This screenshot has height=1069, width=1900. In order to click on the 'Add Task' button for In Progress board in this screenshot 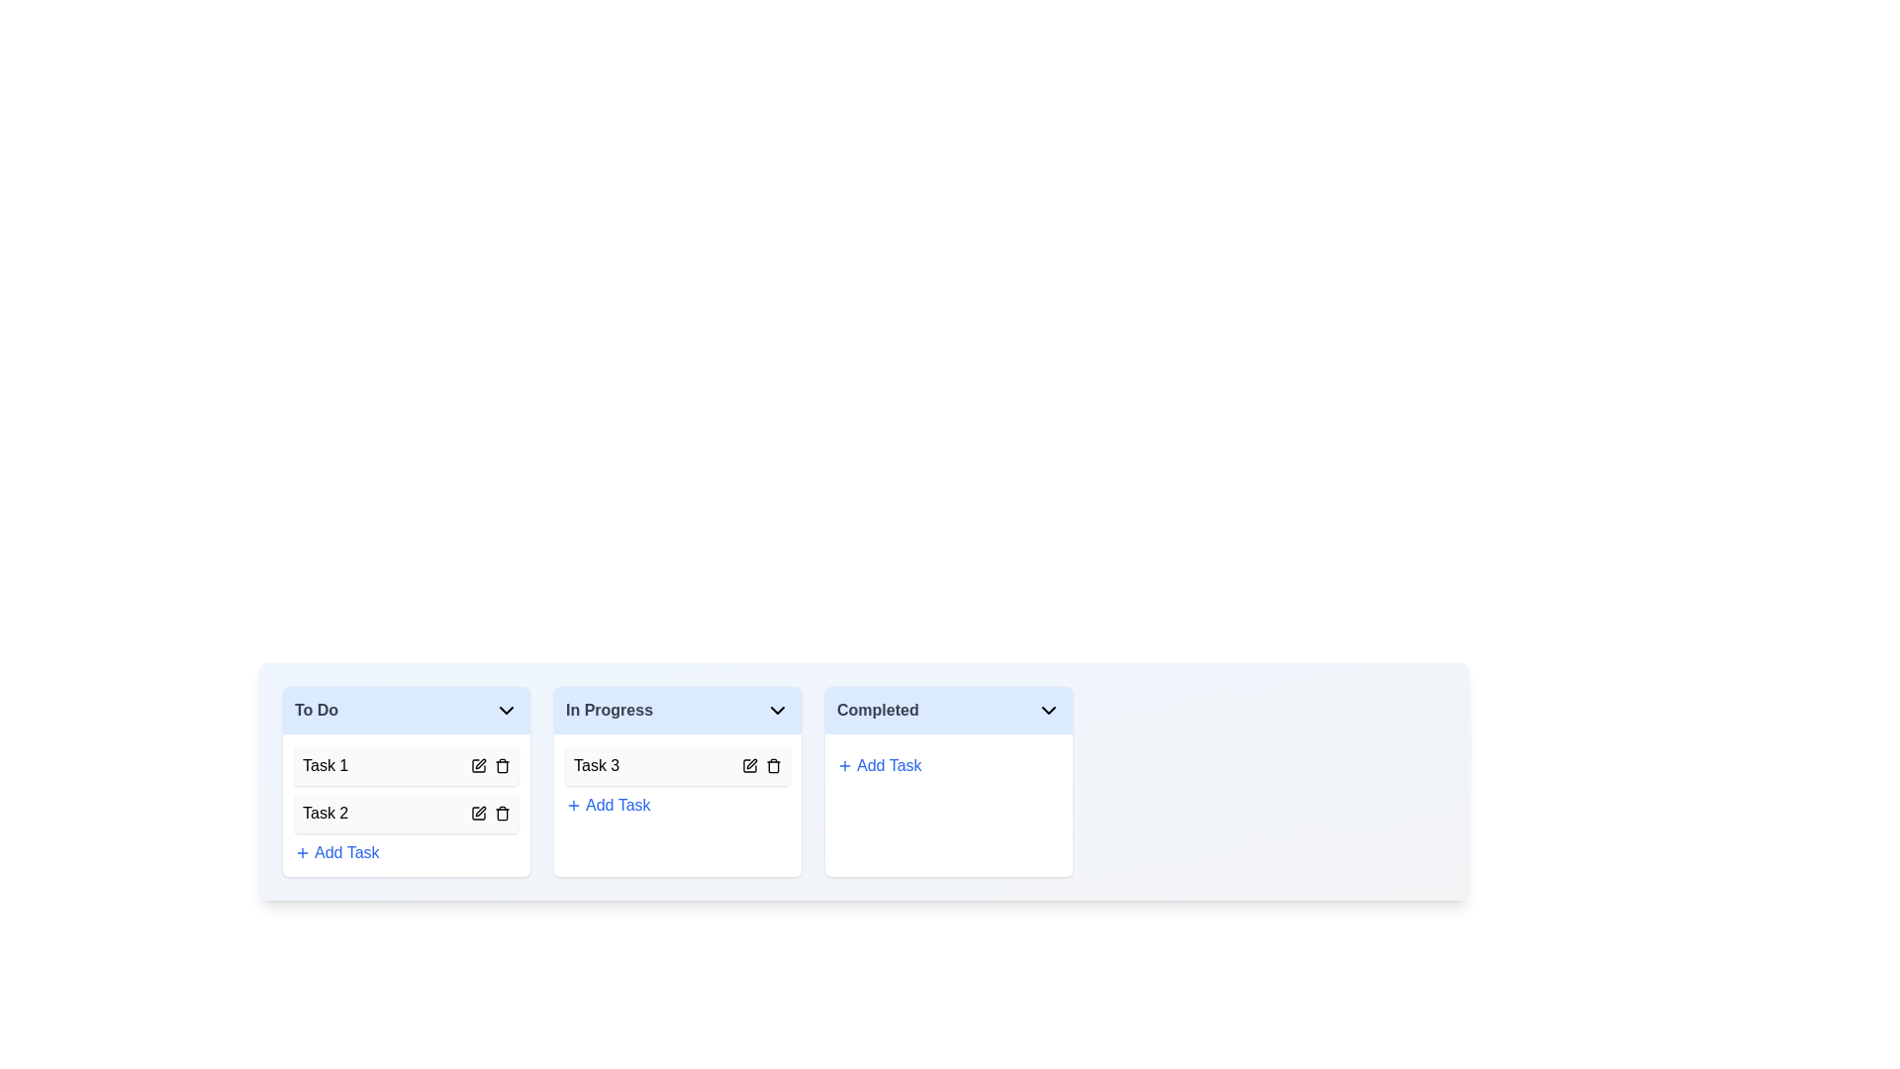, I will do `click(607, 805)`.